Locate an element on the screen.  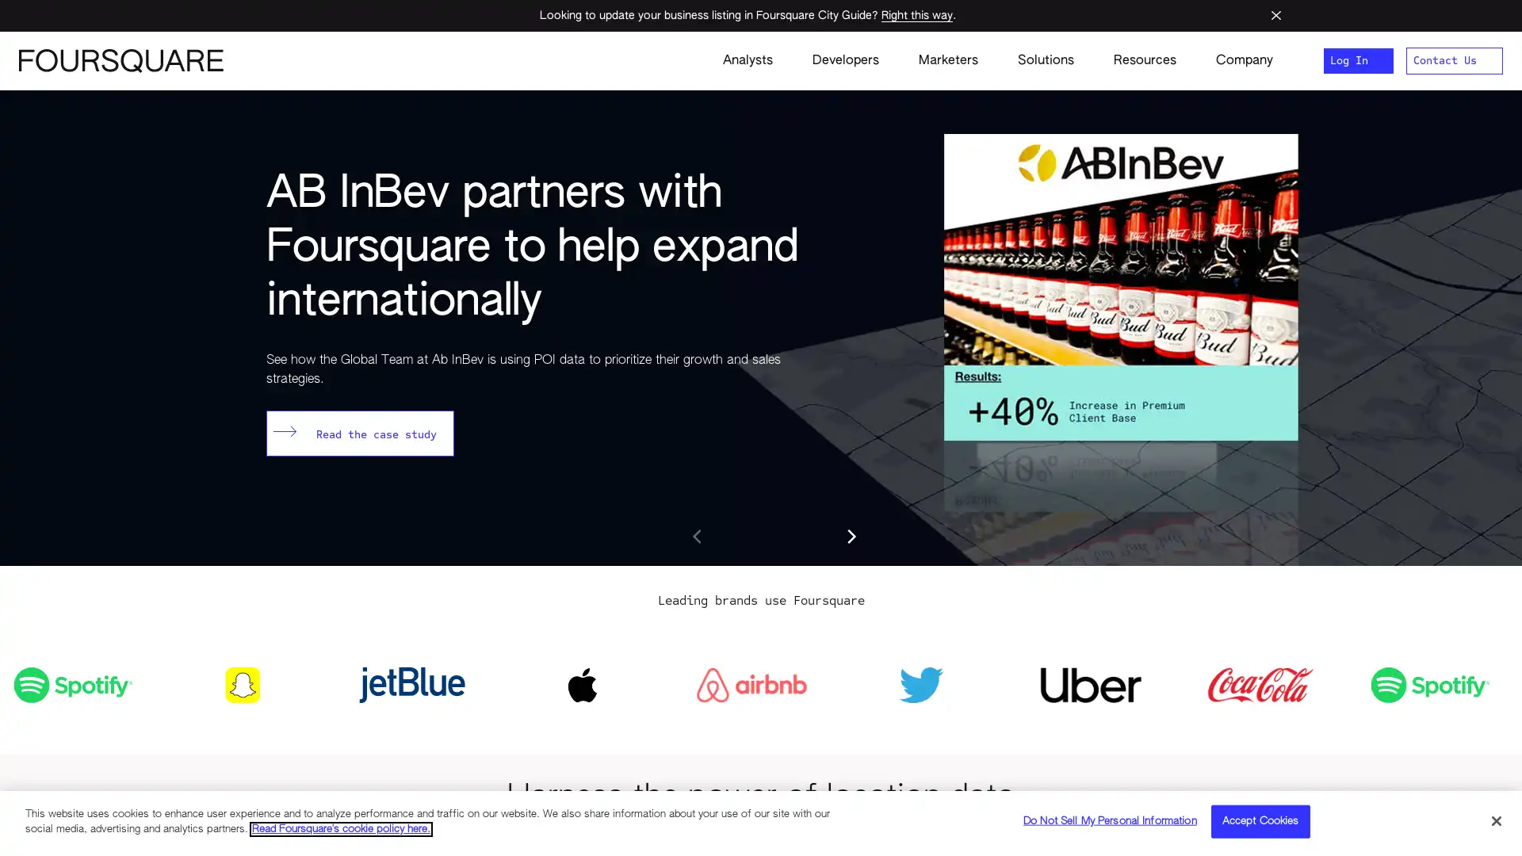
Developers is located at coordinates (844, 60).